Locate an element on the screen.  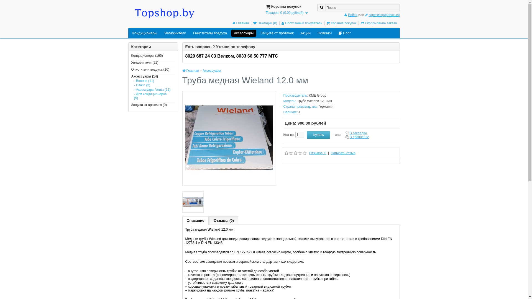
'KME Group' is located at coordinates (318, 95).